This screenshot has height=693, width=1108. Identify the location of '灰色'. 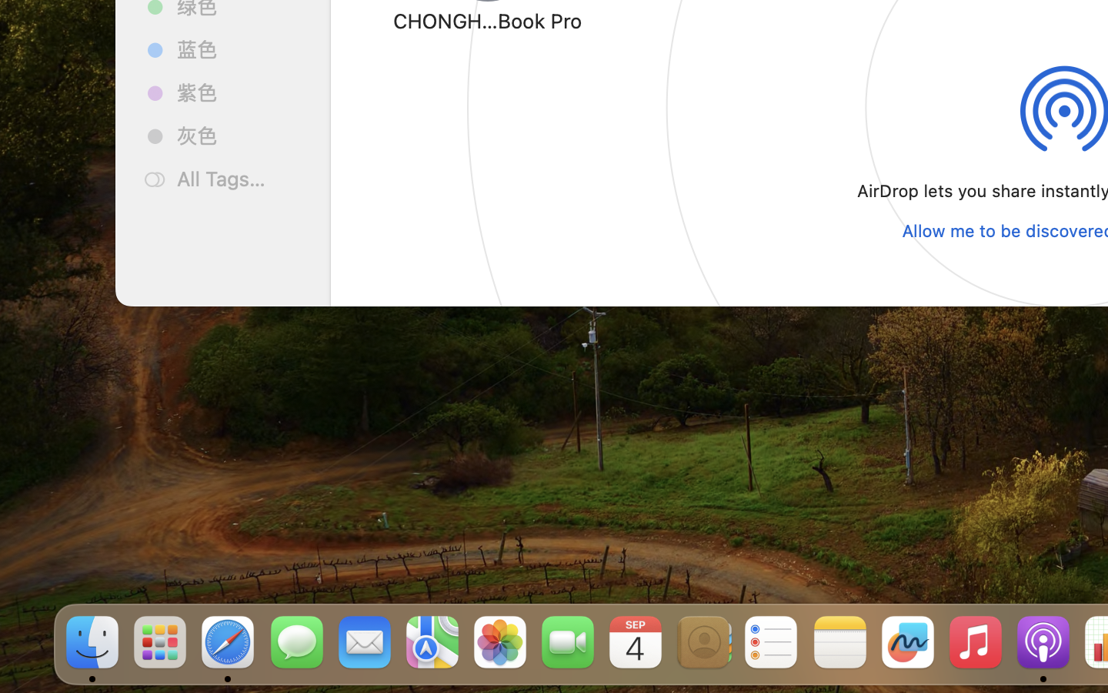
(239, 136).